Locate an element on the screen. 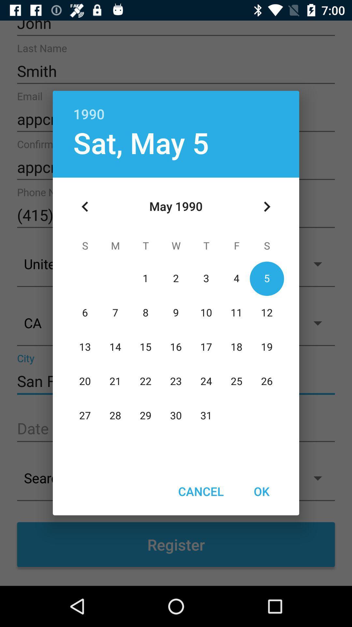 The width and height of the screenshot is (352, 627). icon at the top left corner is located at coordinates (85, 206).